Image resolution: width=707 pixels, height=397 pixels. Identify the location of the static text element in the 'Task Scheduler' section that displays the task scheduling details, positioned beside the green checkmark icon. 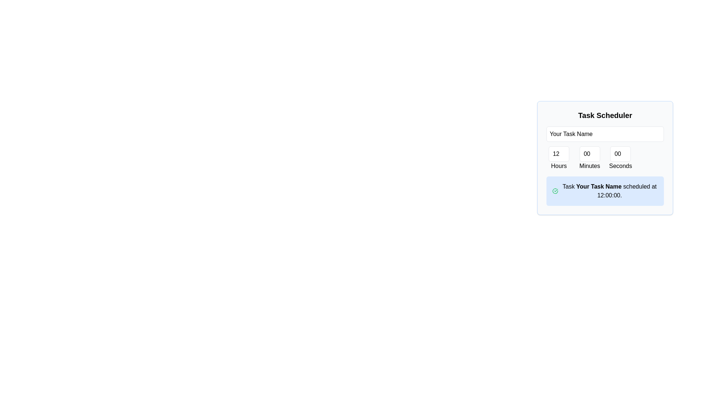
(609, 191).